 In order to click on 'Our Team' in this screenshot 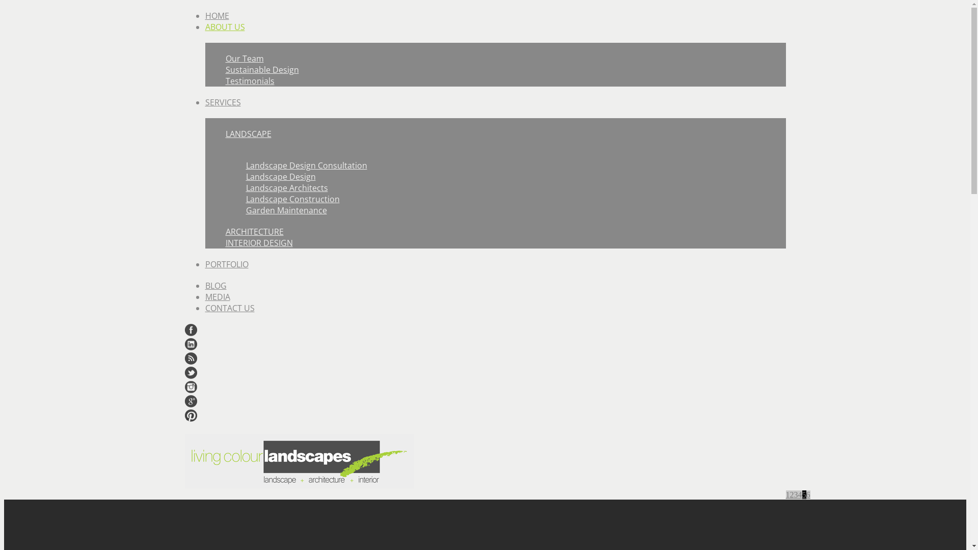, I will do `click(243, 59)`.